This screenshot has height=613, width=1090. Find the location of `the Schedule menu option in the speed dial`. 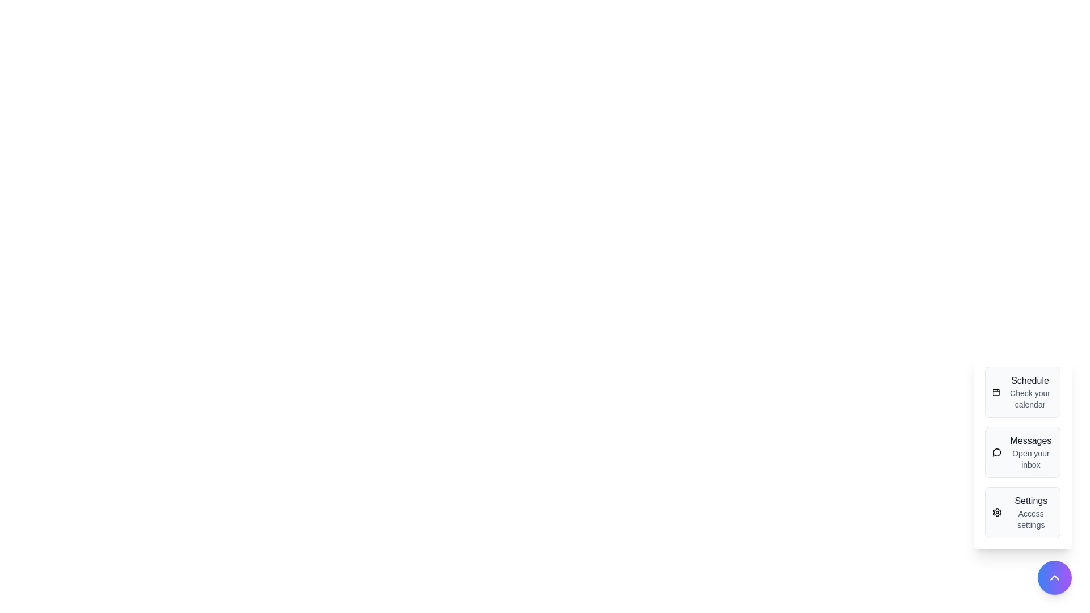

the Schedule menu option in the speed dial is located at coordinates (1022, 391).